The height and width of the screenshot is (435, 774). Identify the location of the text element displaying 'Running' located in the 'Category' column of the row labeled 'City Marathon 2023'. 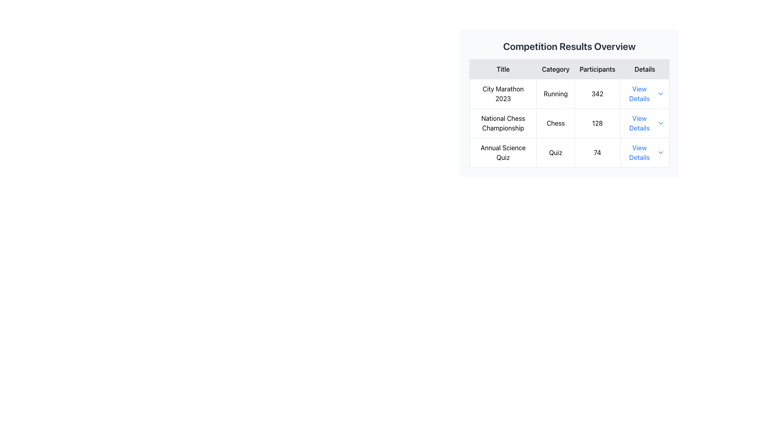
(555, 93).